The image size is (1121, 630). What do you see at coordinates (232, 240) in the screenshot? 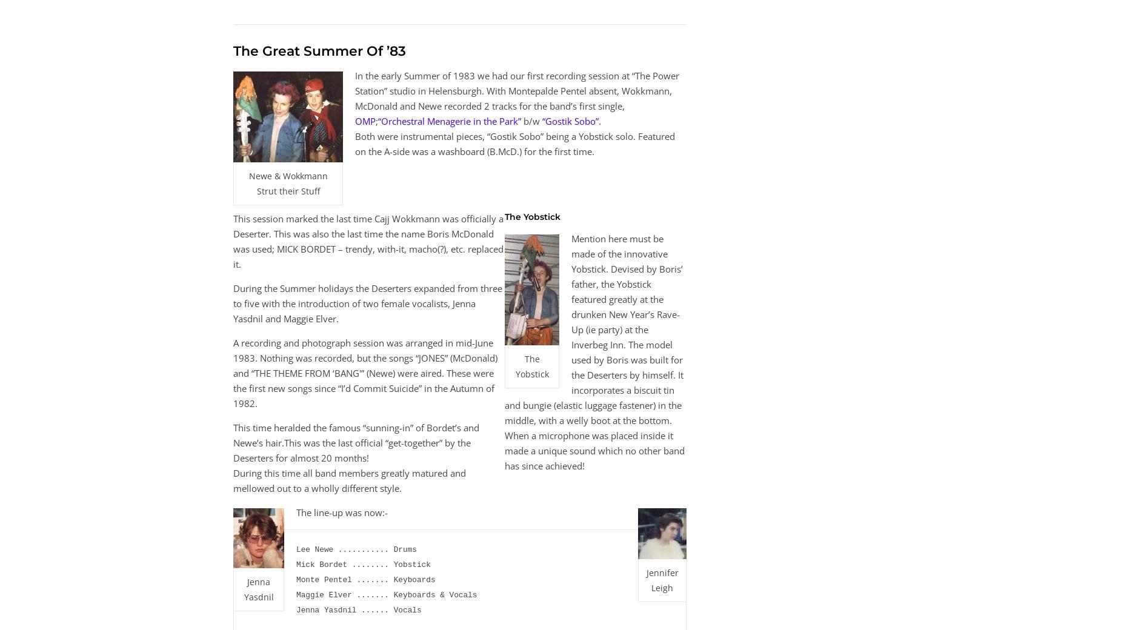
I see `'This session marked the last time Cajj Wokkmann was officially a Deserter. This was also the last time the name Boris McDonald was used; MICK BORDET – trendy, with-it, macho(?), etc. replaced it.'` at bounding box center [232, 240].